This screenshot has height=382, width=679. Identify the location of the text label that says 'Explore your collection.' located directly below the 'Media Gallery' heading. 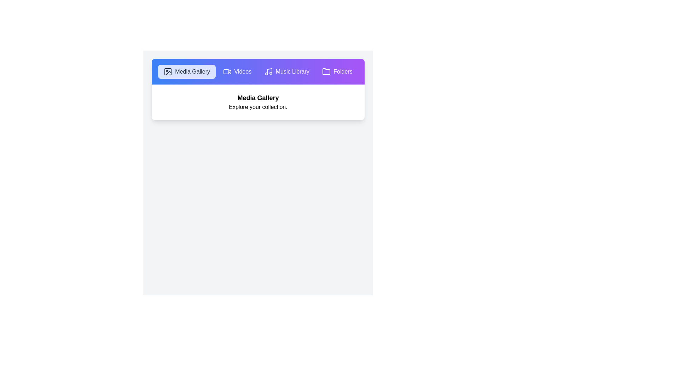
(257, 107).